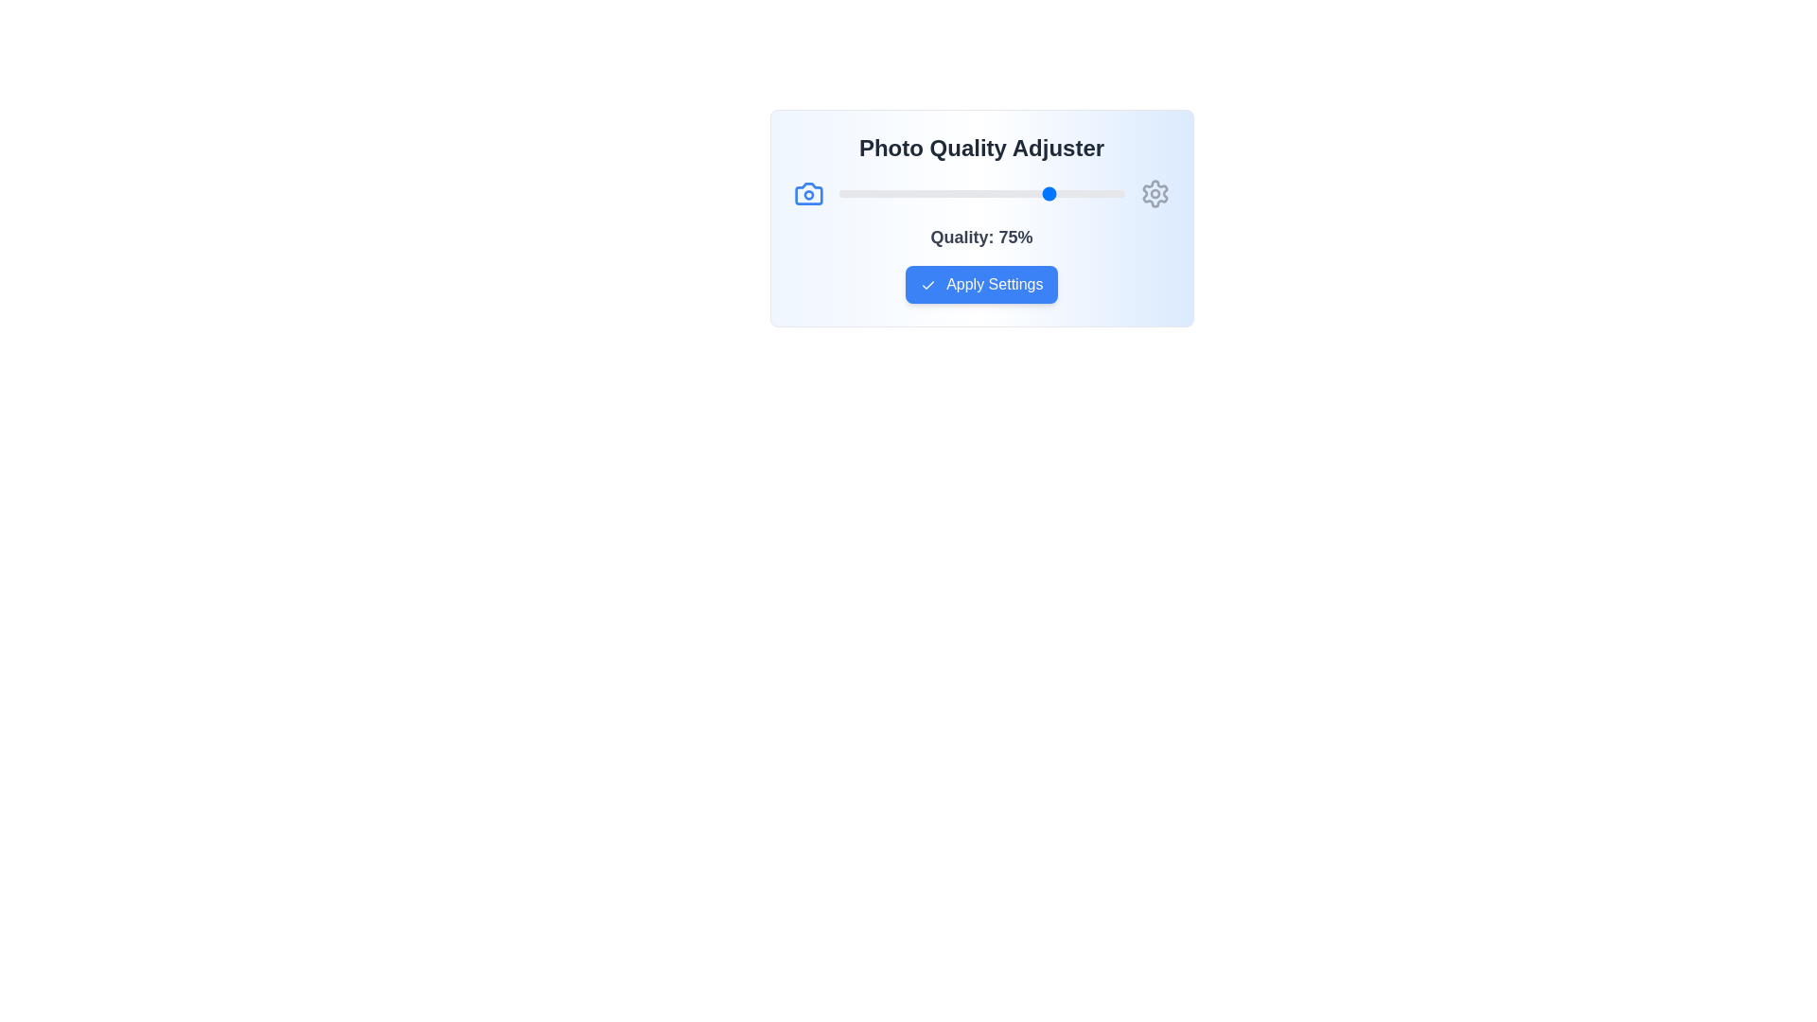  What do you see at coordinates (1110, 193) in the screenshot?
I see `the photo quality slider to 95%` at bounding box center [1110, 193].